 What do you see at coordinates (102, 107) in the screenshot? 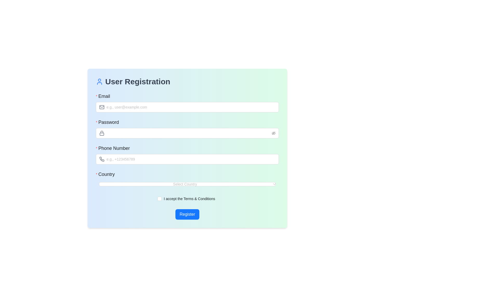
I see `the mail icon, which is a gray envelope styled with thin lines, located inside the 'Email' input field to the left of the placeholder text 'e.g., user@example.com'` at bounding box center [102, 107].